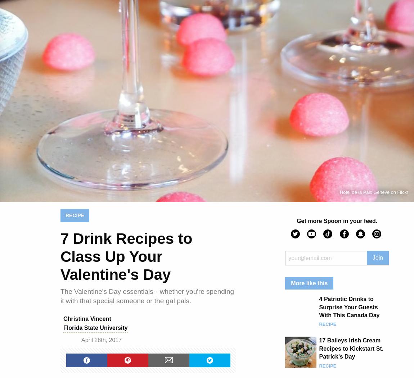 The height and width of the screenshot is (378, 414). Describe the element at coordinates (349, 306) in the screenshot. I see `'4 Patriotic Drinks to Surprise Your Guests With This Canada Day'` at that location.